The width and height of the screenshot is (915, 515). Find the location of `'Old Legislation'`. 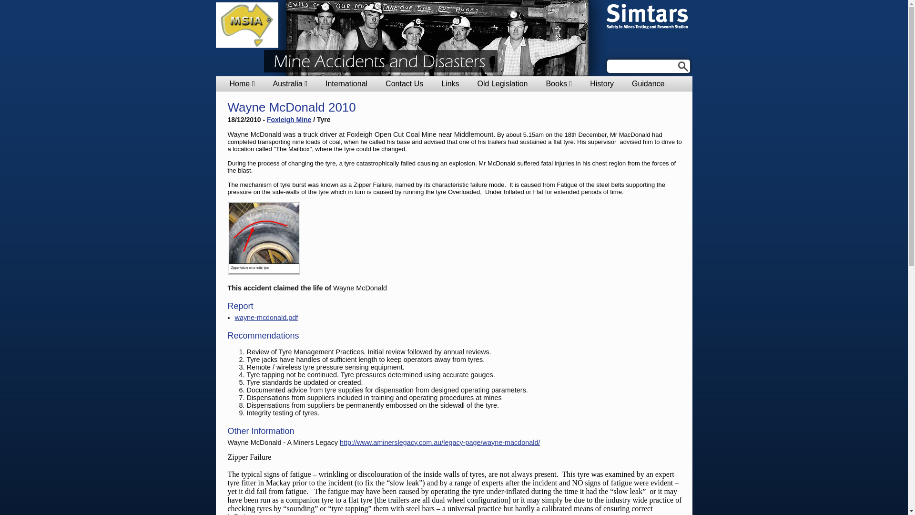

'Old Legislation' is located at coordinates (478, 83).